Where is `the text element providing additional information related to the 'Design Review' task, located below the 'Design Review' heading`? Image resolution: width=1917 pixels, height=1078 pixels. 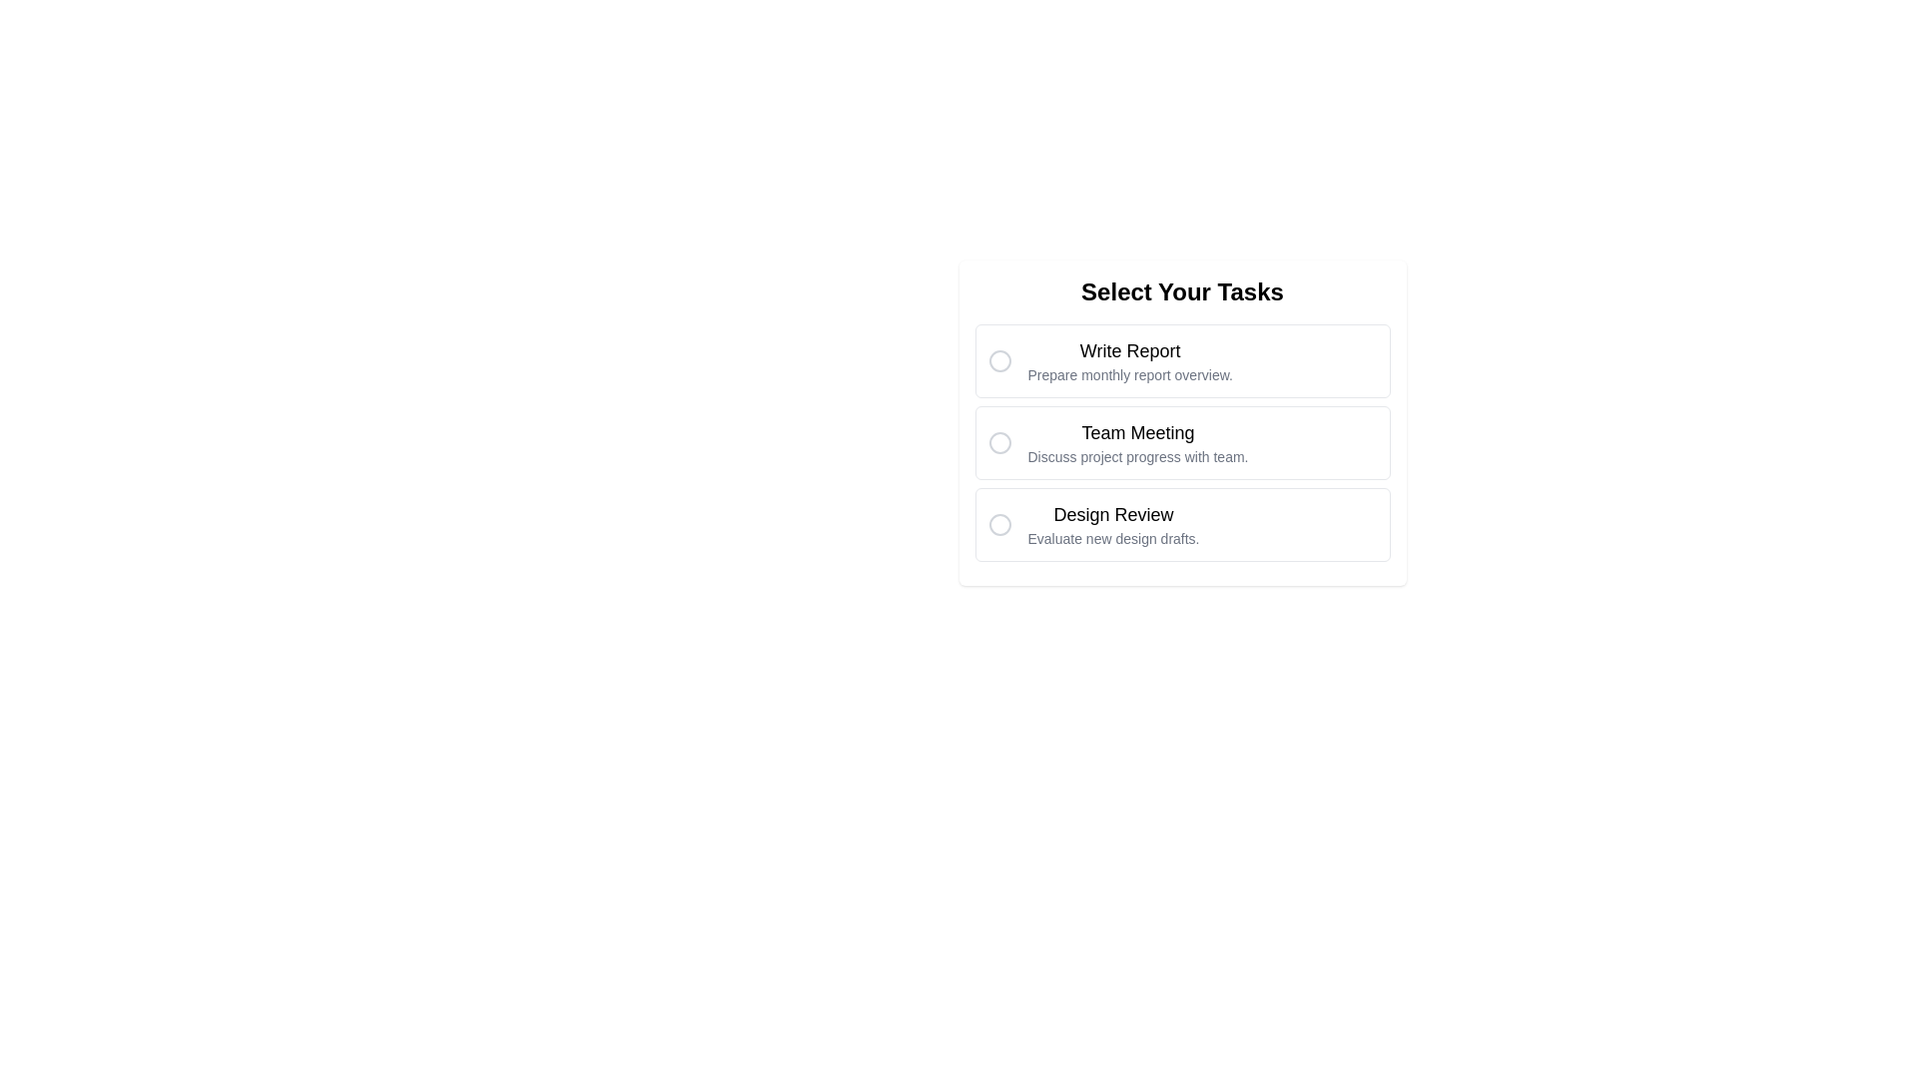 the text element providing additional information related to the 'Design Review' task, located below the 'Design Review' heading is located at coordinates (1112, 539).